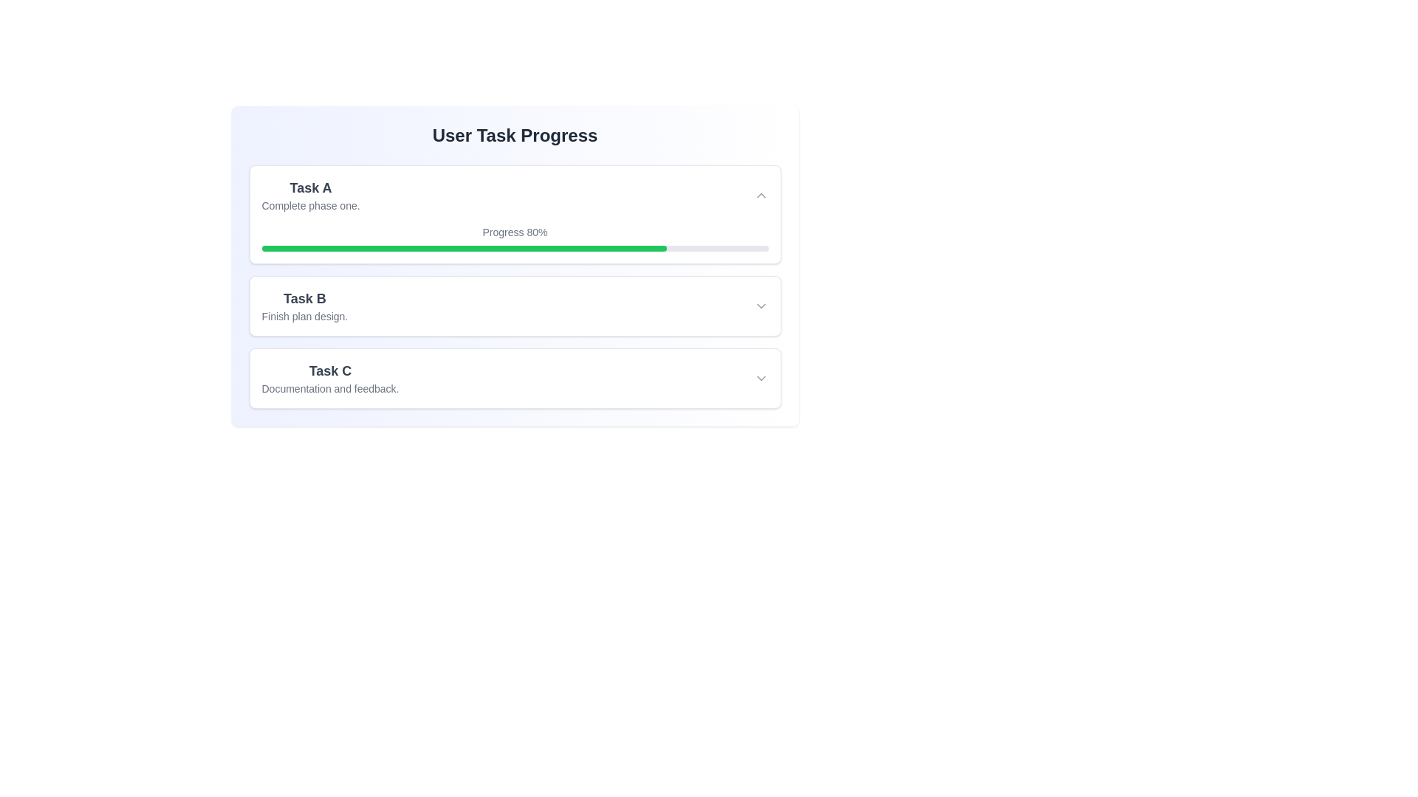 This screenshot has height=797, width=1418. What do you see at coordinates (310, 187) in the screenshot?
I see `the text label that identifies the first task in the 'User Task Progress' interface, positioned above the description 'Complete phase one.'` at bounding box center [310, 187].